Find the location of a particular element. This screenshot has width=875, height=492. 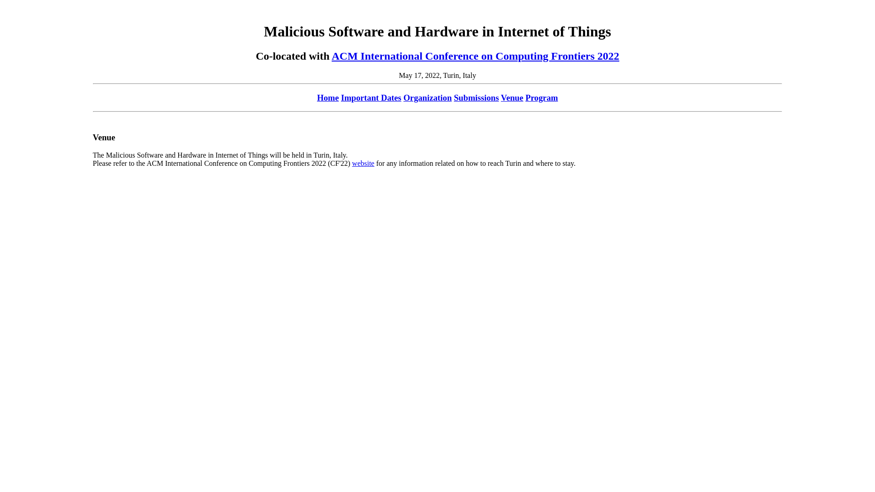

'Organization' is located at coordinates (427, 97).